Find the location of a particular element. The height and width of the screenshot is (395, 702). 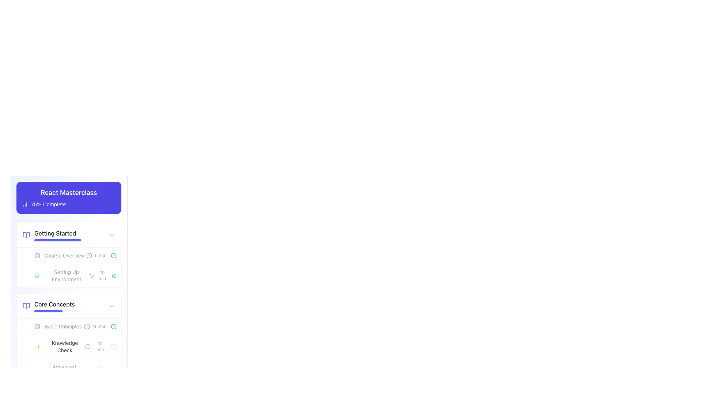

text label that reads 'React Masterclass', which is styled in bold white font on a purple background, located in the top-left section of the content is located at coordinates (69, 192).